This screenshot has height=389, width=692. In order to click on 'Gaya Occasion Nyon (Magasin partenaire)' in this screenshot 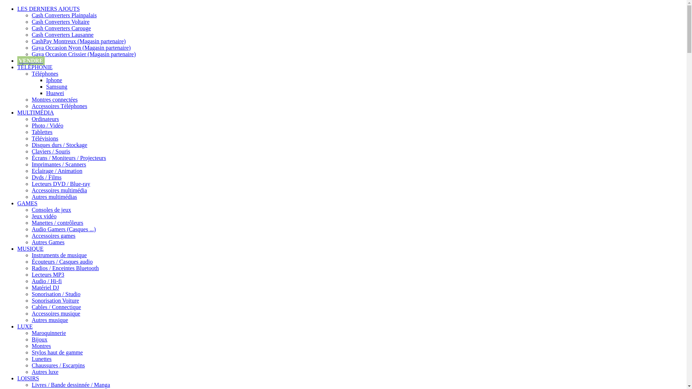, I will do `click(31, 48)`.